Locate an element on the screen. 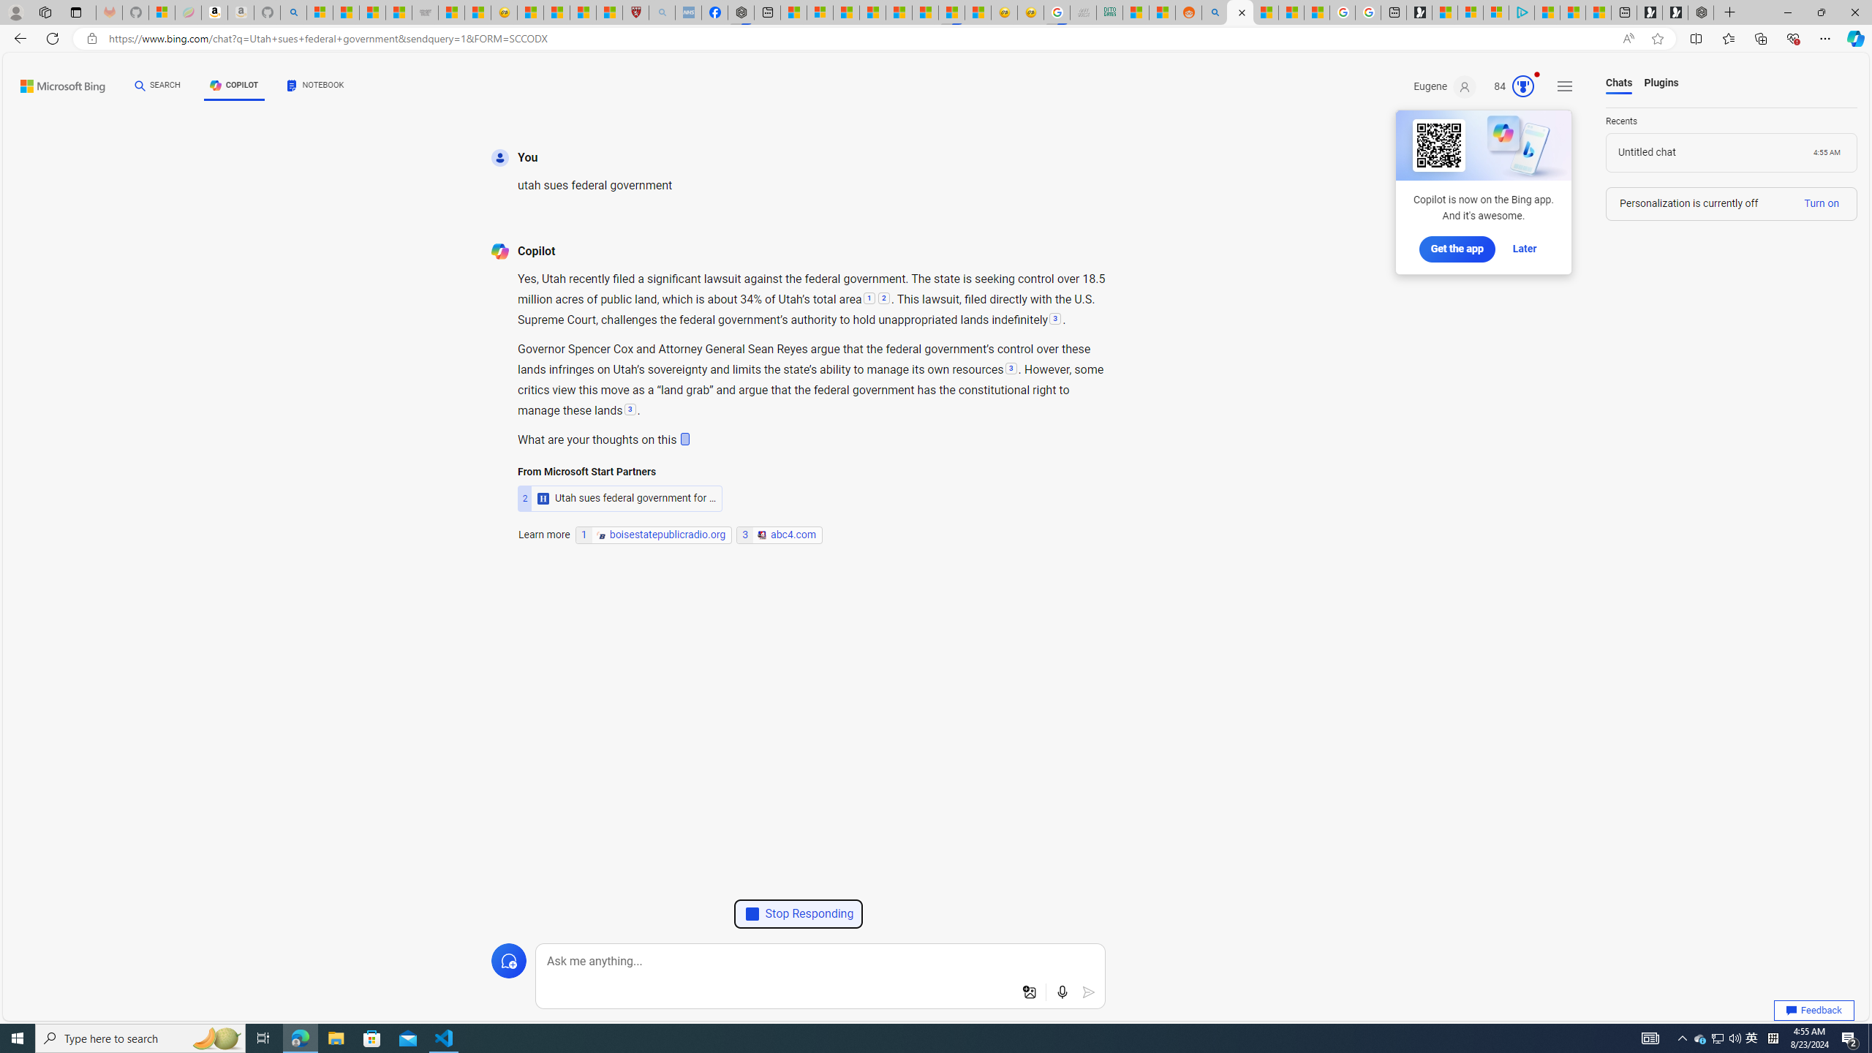 This screenshot has width=1872, height=1053. 'Settings and quick links' is located at coordinates (1565, 86).